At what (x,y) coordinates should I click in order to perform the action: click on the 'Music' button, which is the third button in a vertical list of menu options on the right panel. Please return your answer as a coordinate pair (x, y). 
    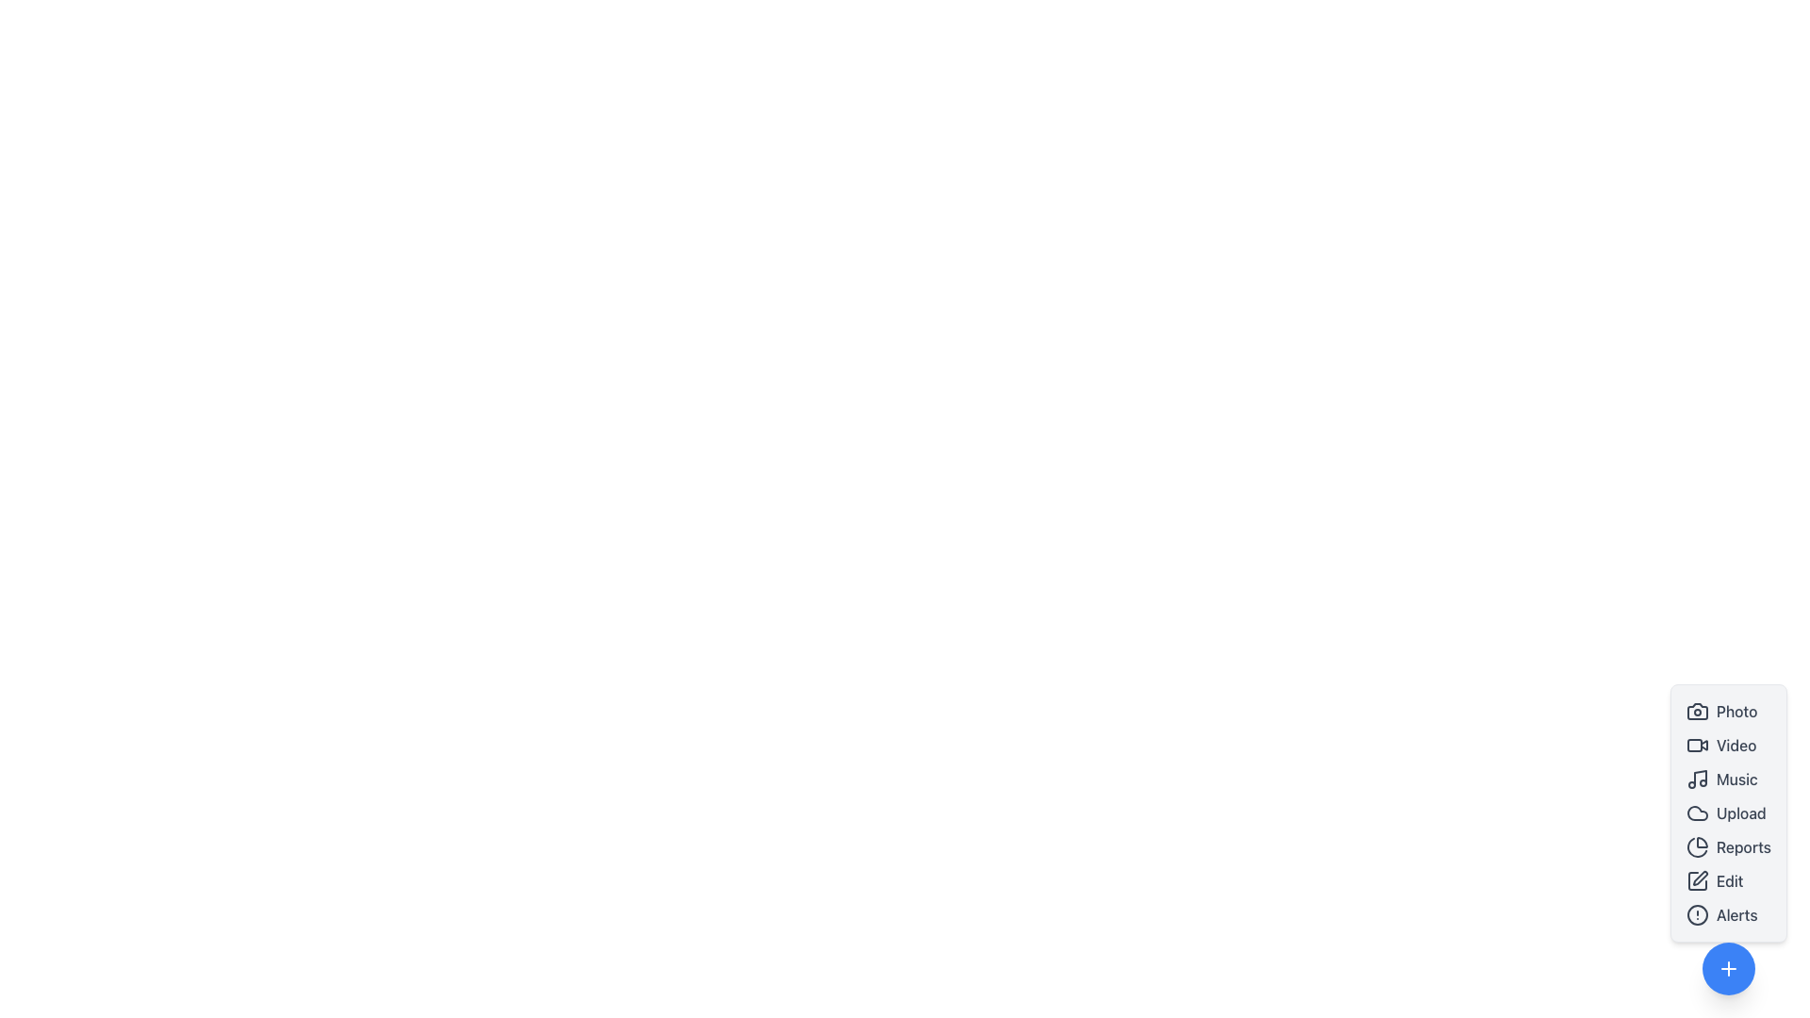
    Looking at the image, I should click on (1721, 779).